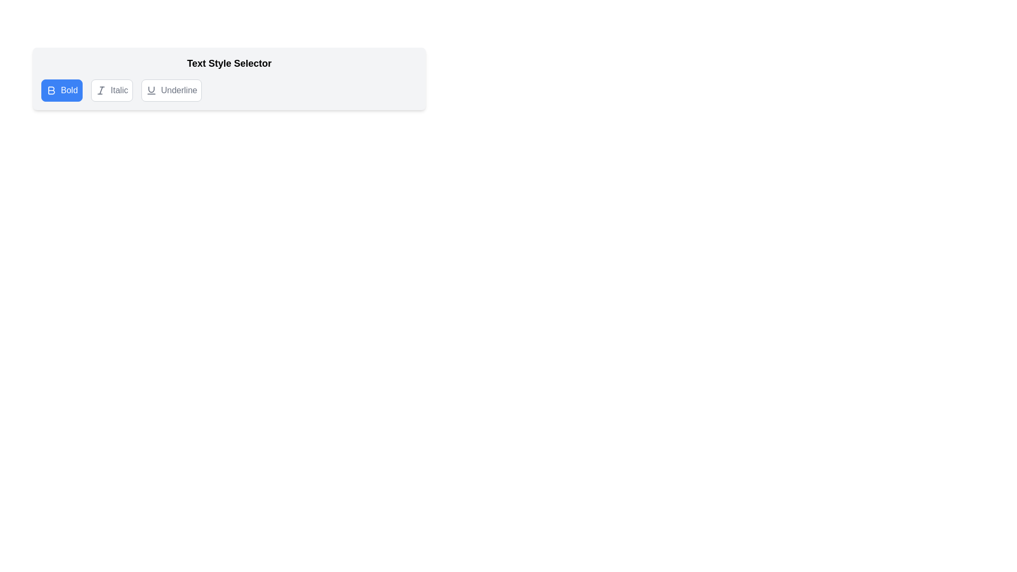 The image size is (1017, 572). I want to click on the text label indicating the bold formatting option for text, so click(68, 90).